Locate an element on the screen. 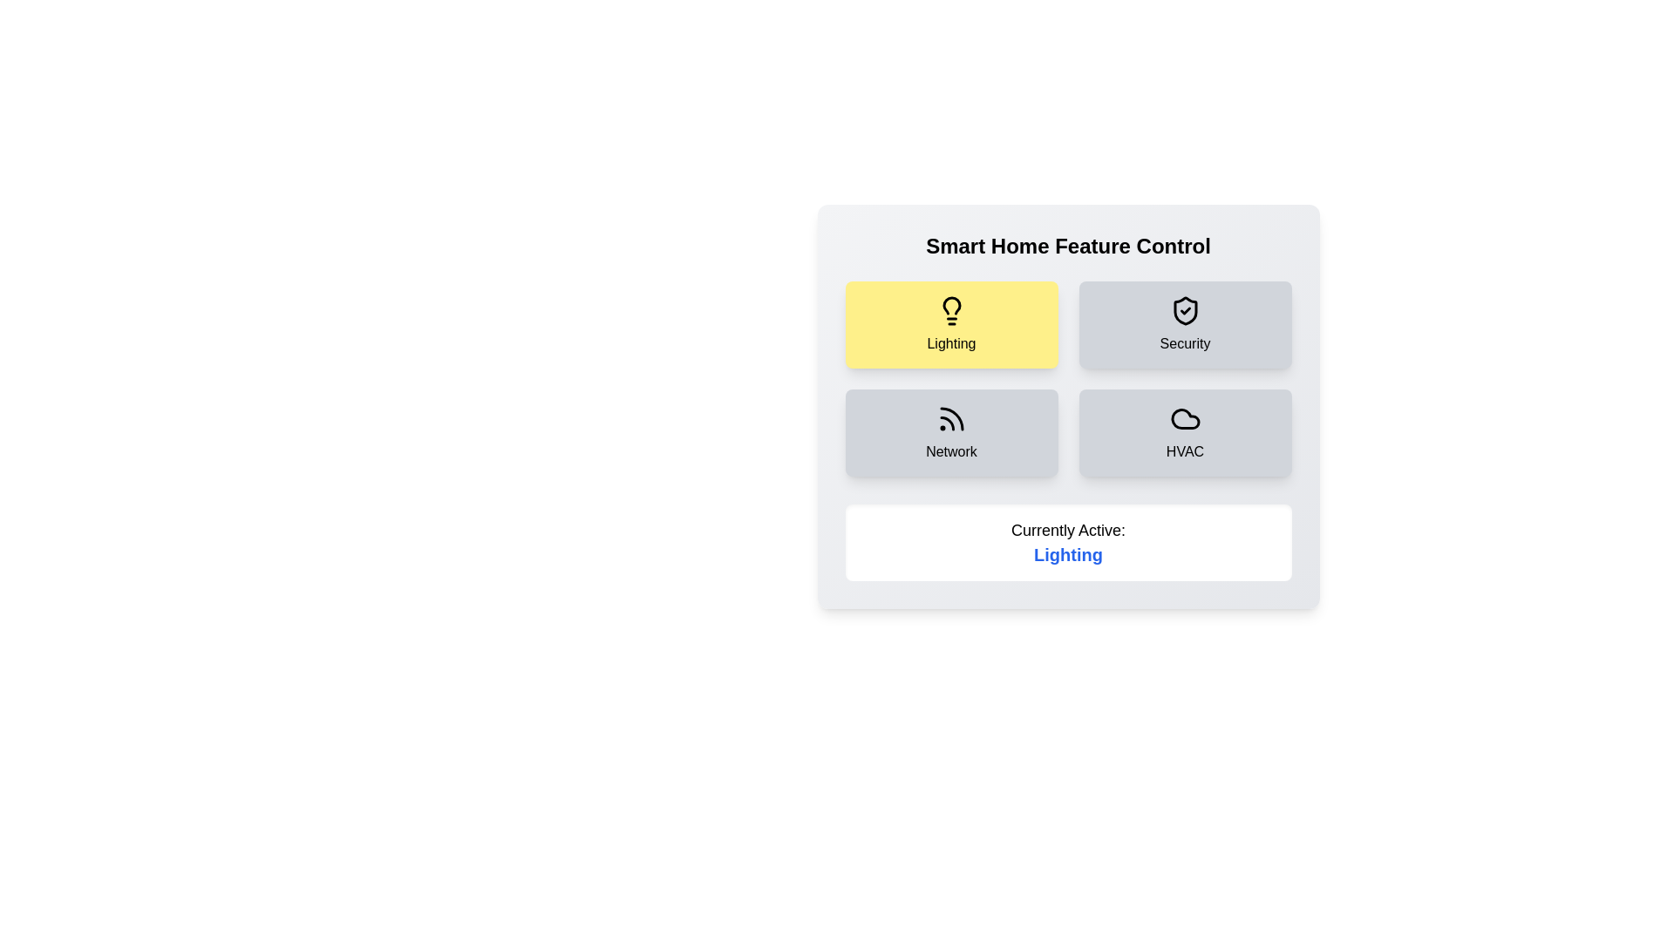 This screenshot has width=1674, height=941. the Security button to interact with the component layout is located at coordinates (1185, 325).